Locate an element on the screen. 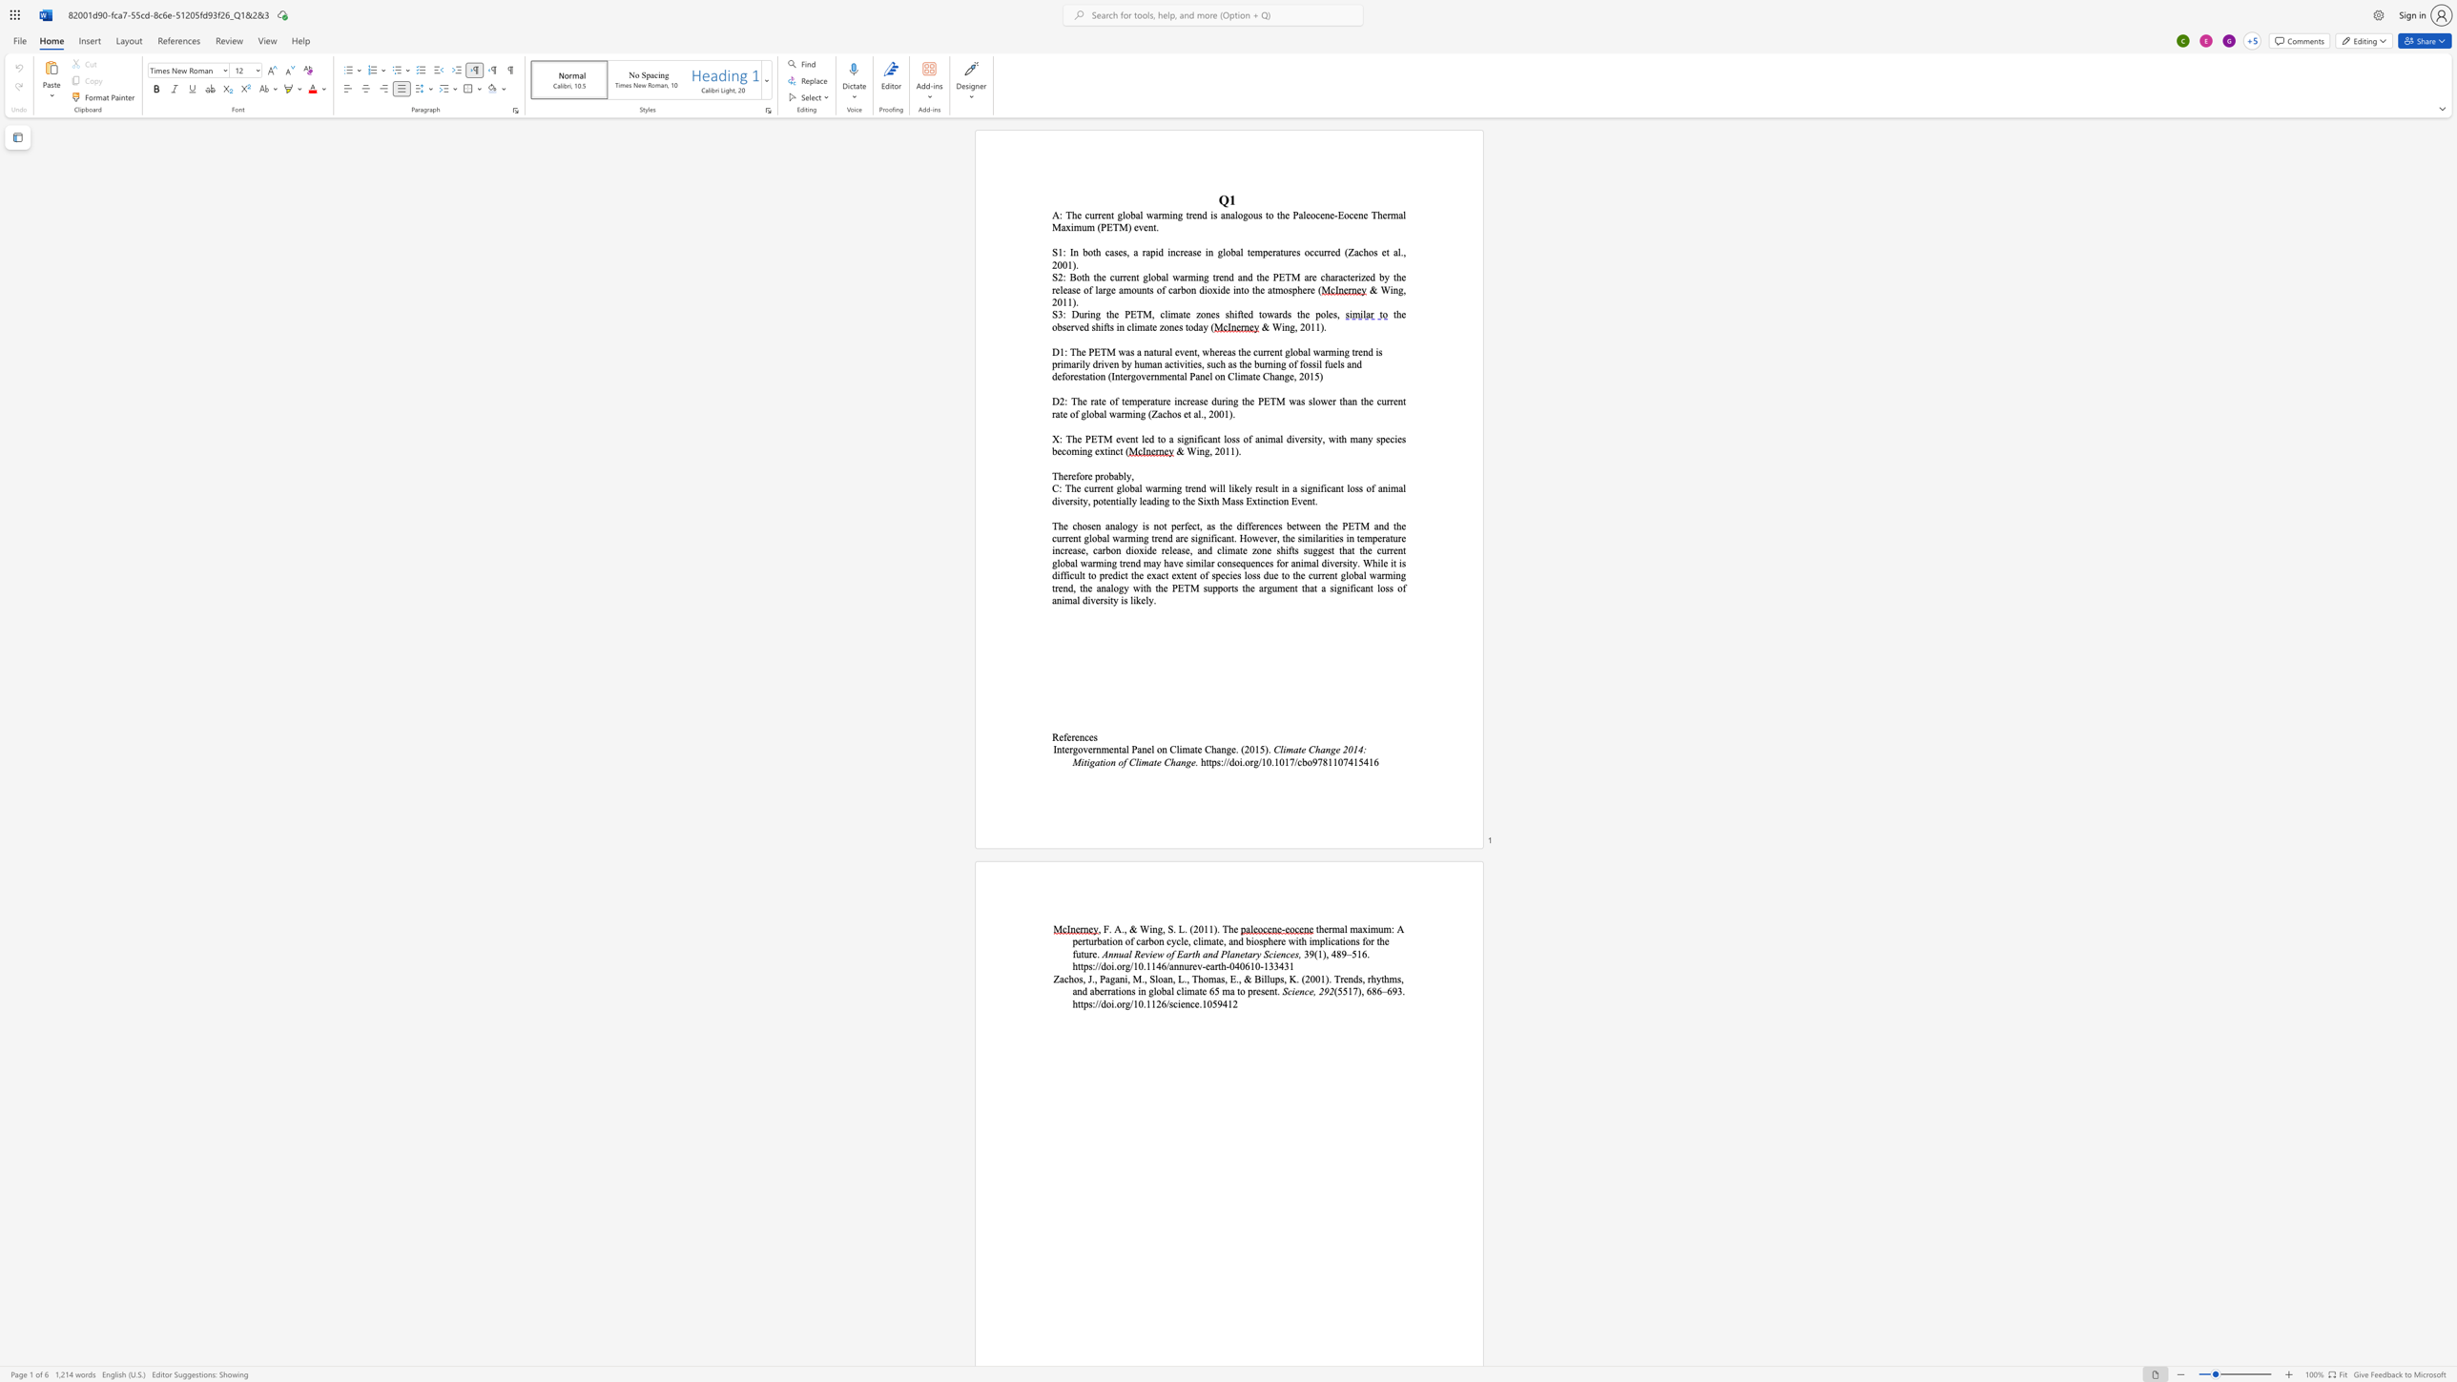  the 5th character "a" in the text is located at coordinates (1123, 501).